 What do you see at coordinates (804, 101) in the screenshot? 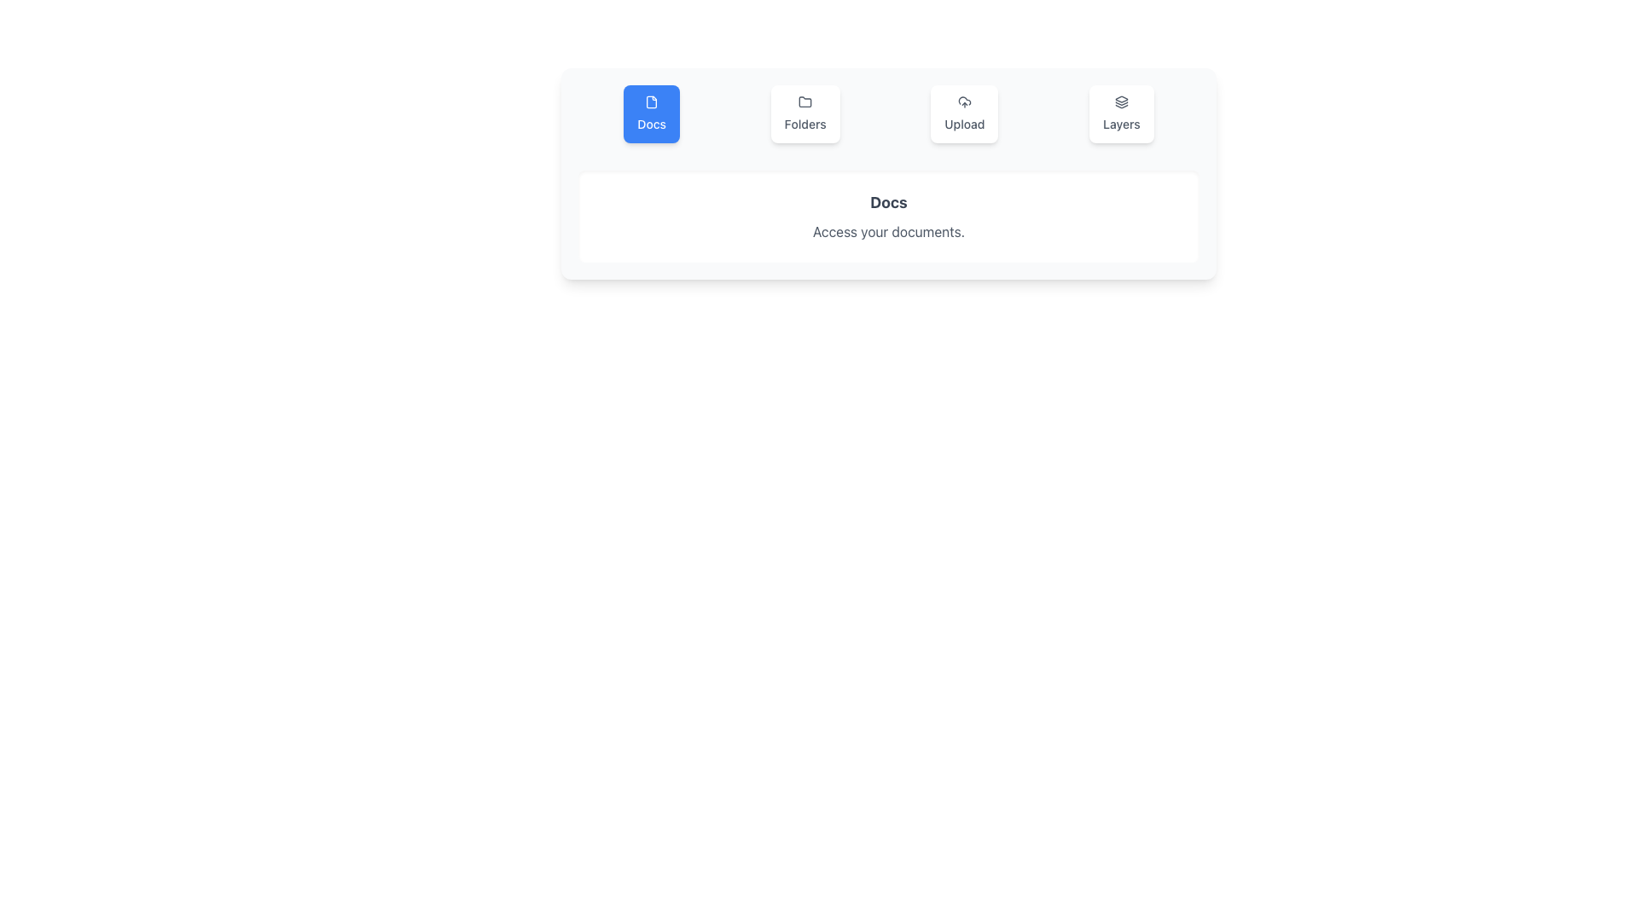
I see `the folder icon located in the toolbar section, specifically the second item in the horizontal list of 'Folders'` at bounding box center [804, 101].